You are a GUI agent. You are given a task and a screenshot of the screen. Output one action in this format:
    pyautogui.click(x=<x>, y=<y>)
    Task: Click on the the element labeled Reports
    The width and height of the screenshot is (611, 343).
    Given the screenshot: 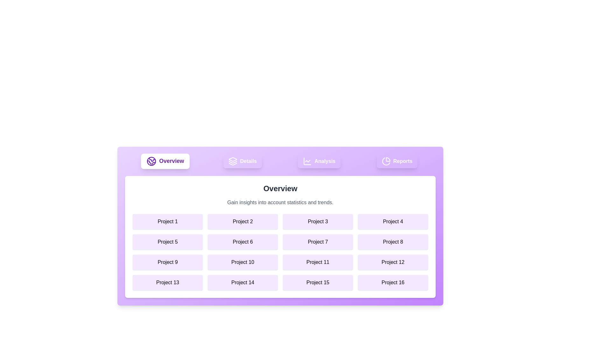 What is the action you would take?
    pyautogui.click(x=397, y=161)
    